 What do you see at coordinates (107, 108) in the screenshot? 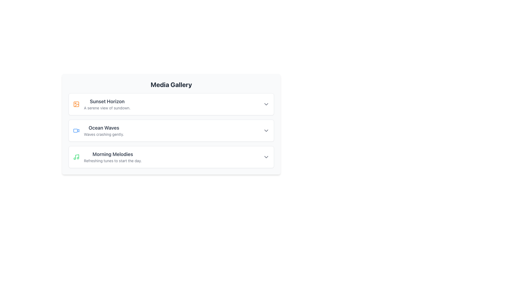
I see `the static text displaying 'A serene view of sundown.' located directly below 'Sunset Horizon' in the stacked list interface` at bounding box center [107, 108].